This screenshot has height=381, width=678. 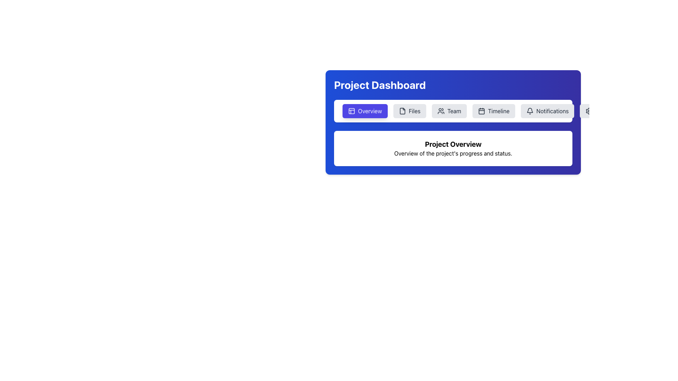 I want to click on the icon representing a file design located to the left of the 'Files' text label within the 'Files' button on the Project Dashboard, so click(x=402, y=111).